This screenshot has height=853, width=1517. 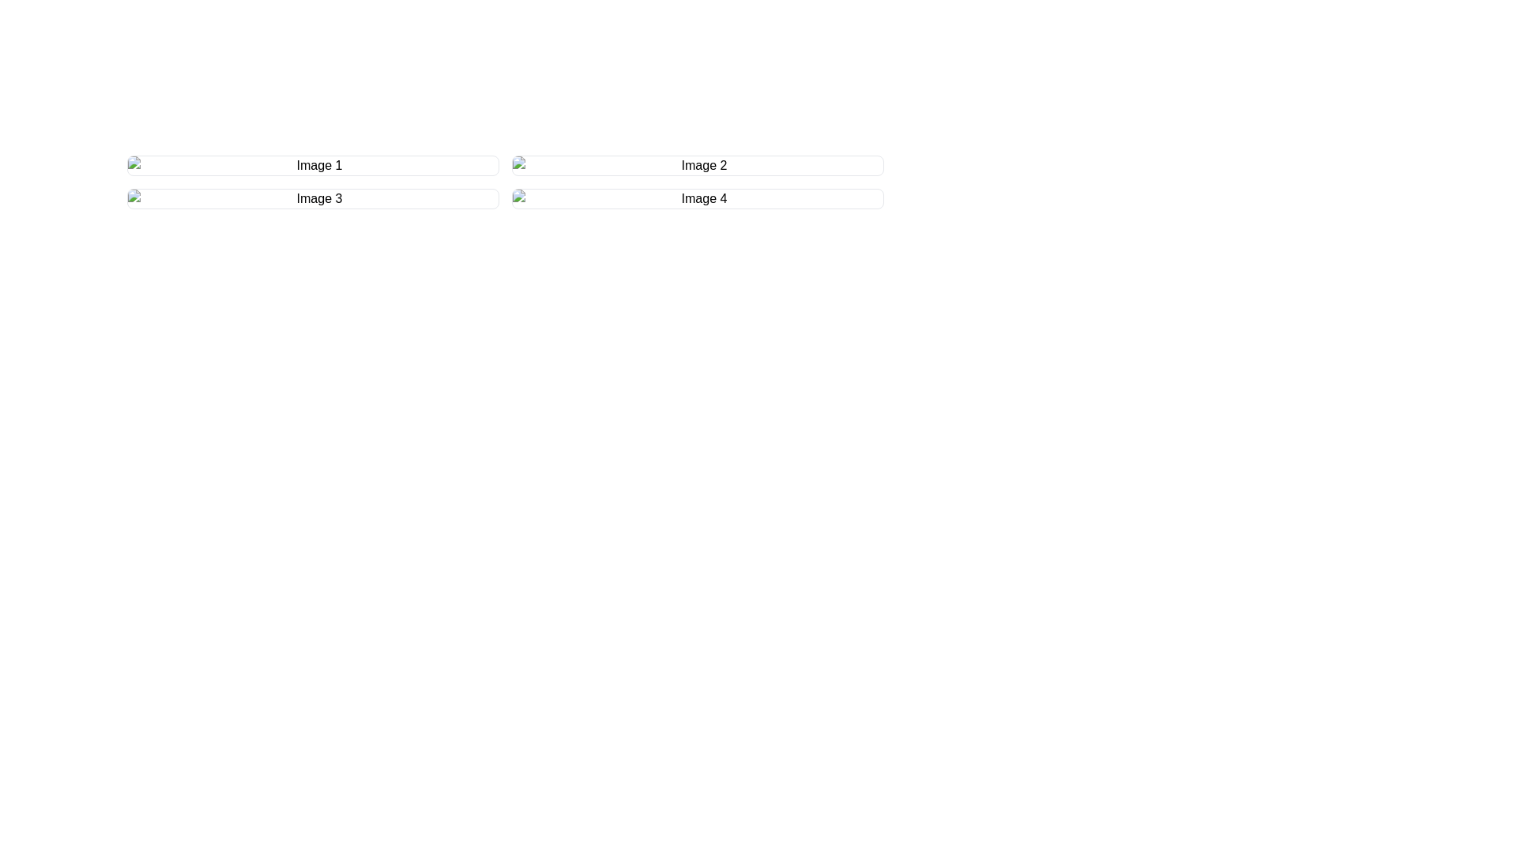 What do you see at coordinates (313, 165) in the screenshot?
I see `the image placeholder labeled 'Image 1' located in the top-left corner of the grid` at bounding box center [313, 165].